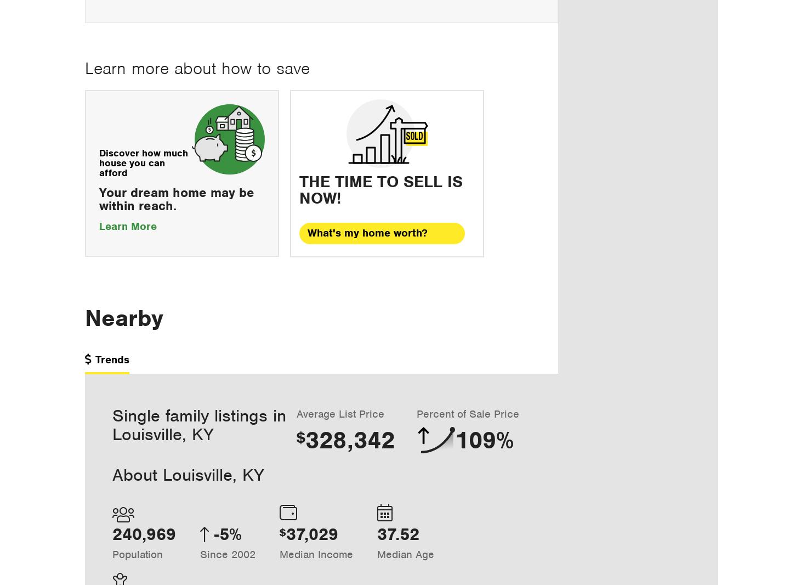 This screenshot has height=585, width=795. I want to click on '109%', so click(484, 440).